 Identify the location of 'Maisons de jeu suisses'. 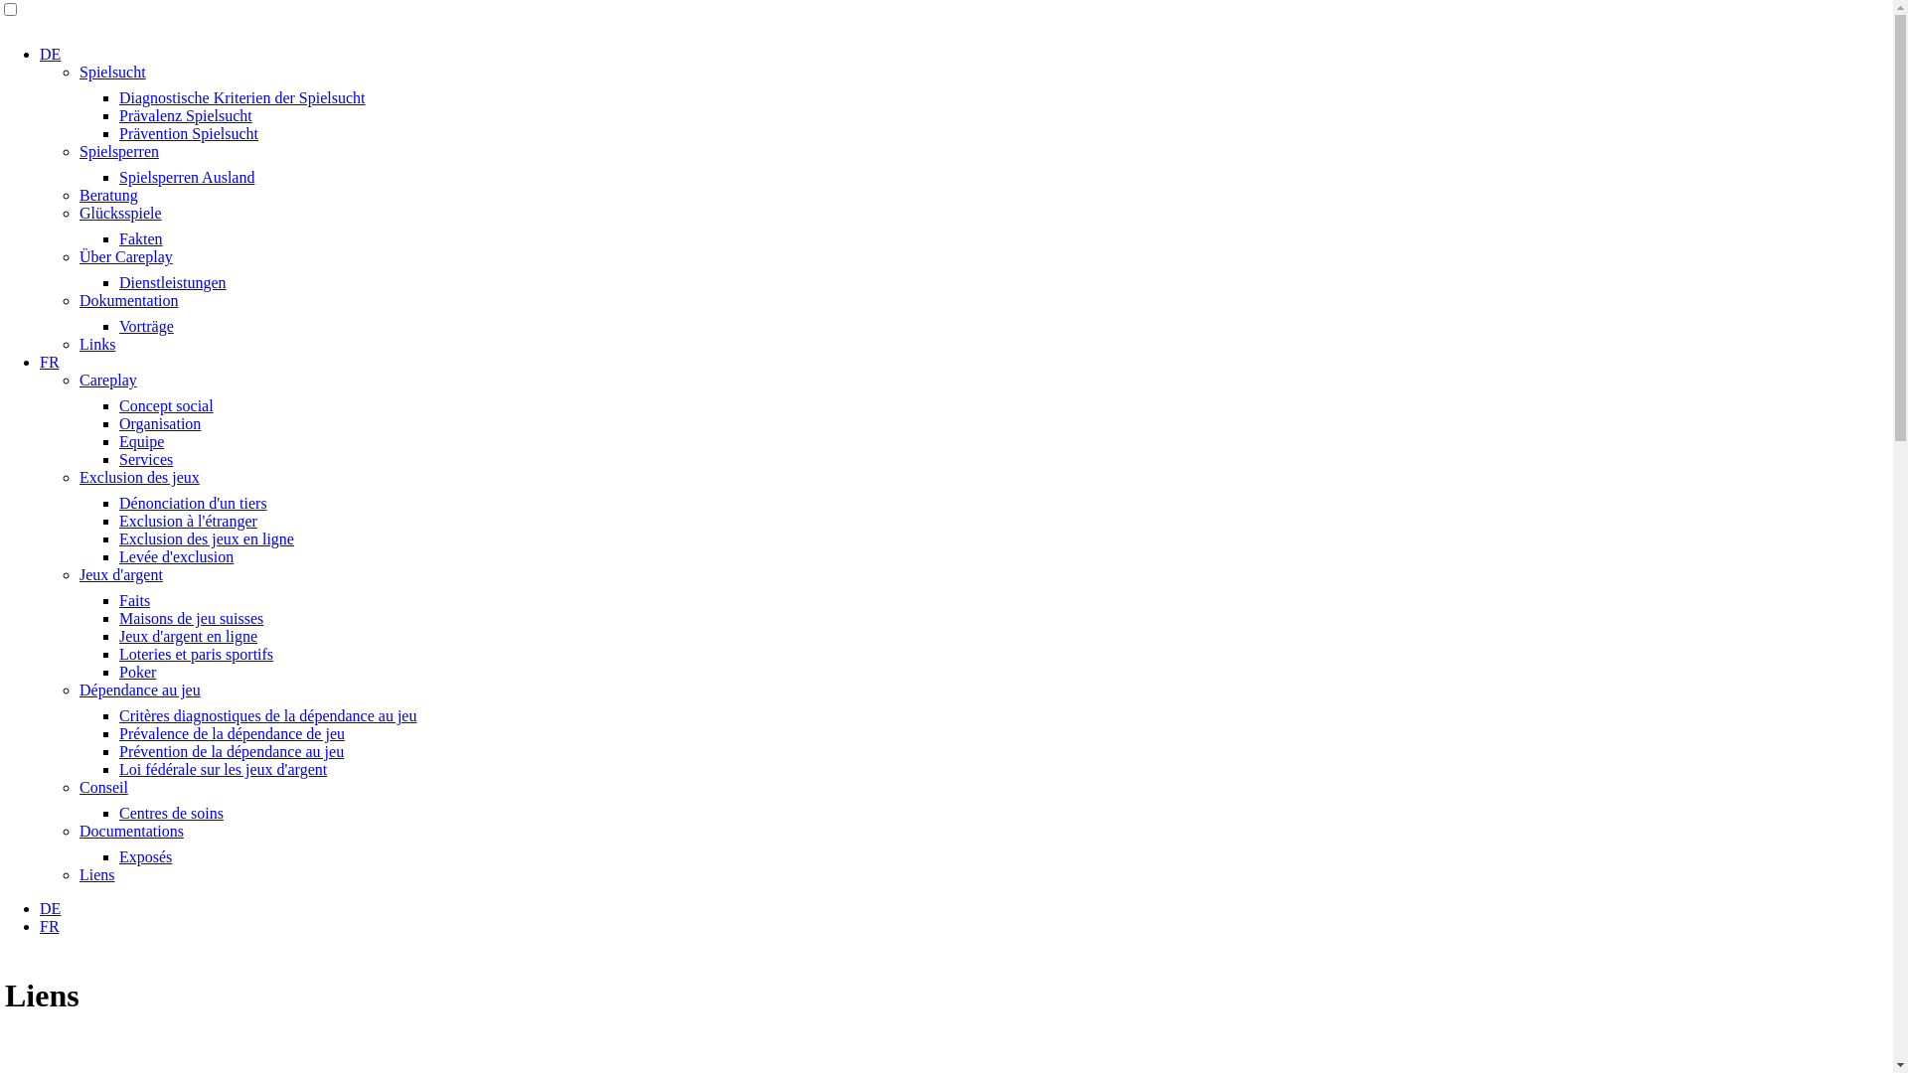
(191, 617).